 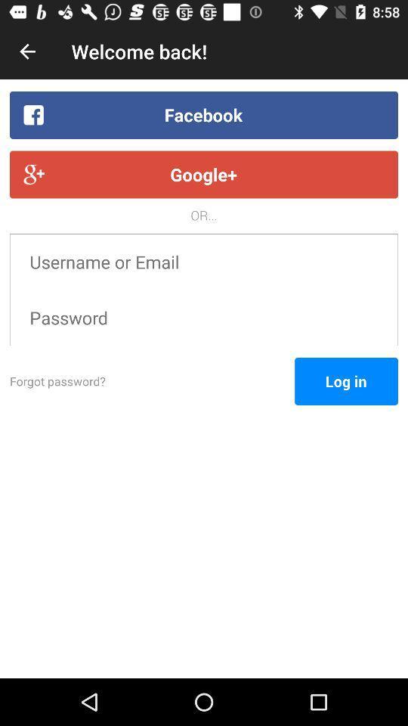 I want to click on the item next to the welcome back! icon, so click(x=27, y=51).